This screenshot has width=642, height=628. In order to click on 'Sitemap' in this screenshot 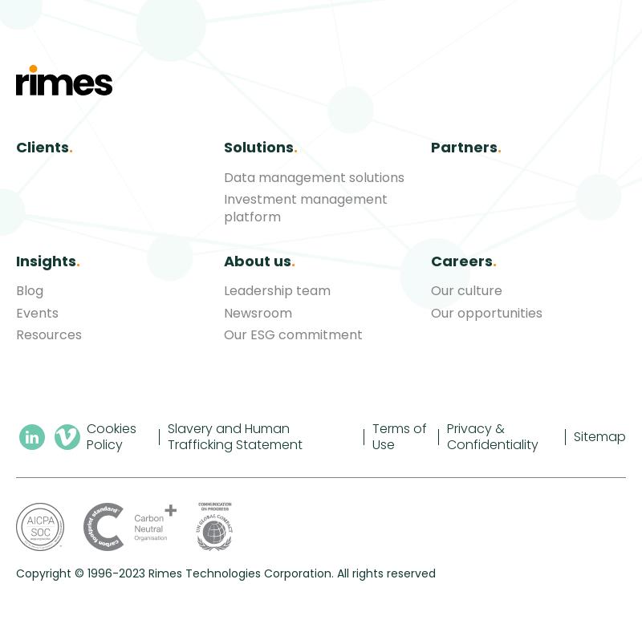, I will do `click(599, 435)`.